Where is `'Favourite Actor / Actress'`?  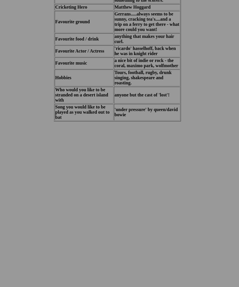
'Favourite Actor / Actress' is located at coordinates (79, 51).